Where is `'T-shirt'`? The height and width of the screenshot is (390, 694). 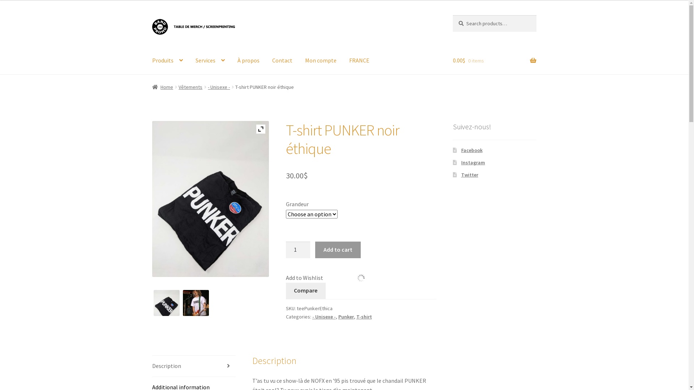 'T-shirt' is located at coordinates (364, 316).